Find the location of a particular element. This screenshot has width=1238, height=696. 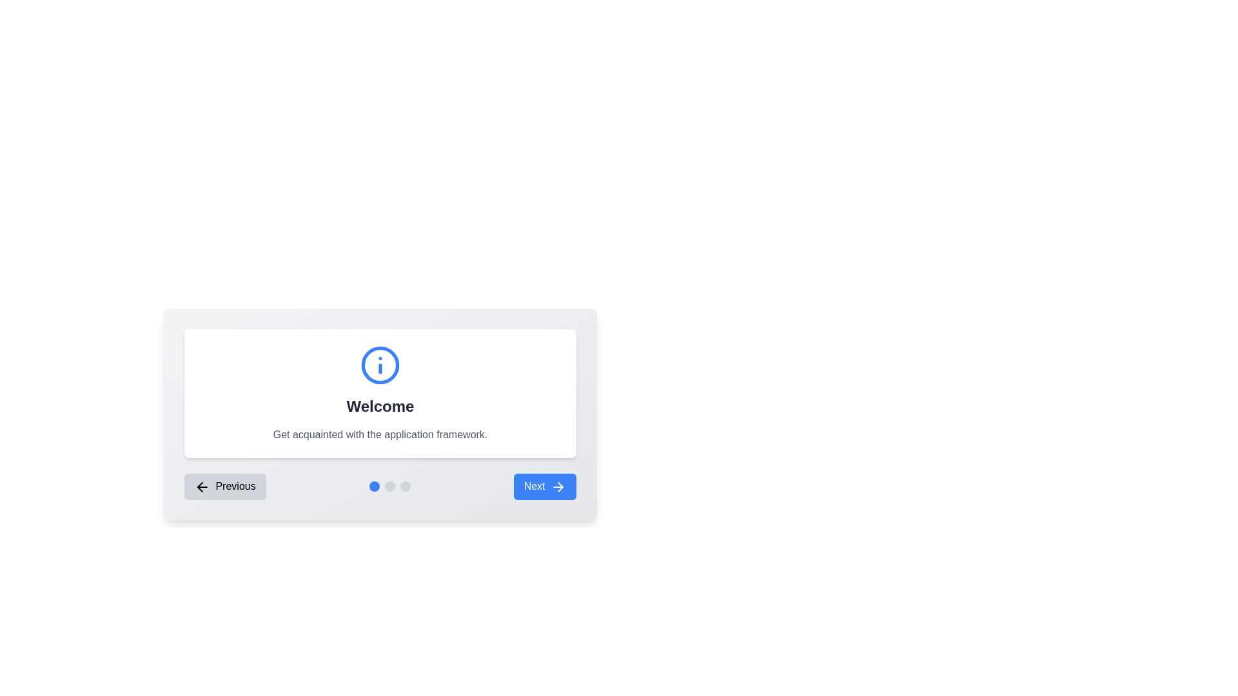

the left-pointing arrow icon adjacent to the 'Previous' text label for navigation is located at coordinates (201, 487).